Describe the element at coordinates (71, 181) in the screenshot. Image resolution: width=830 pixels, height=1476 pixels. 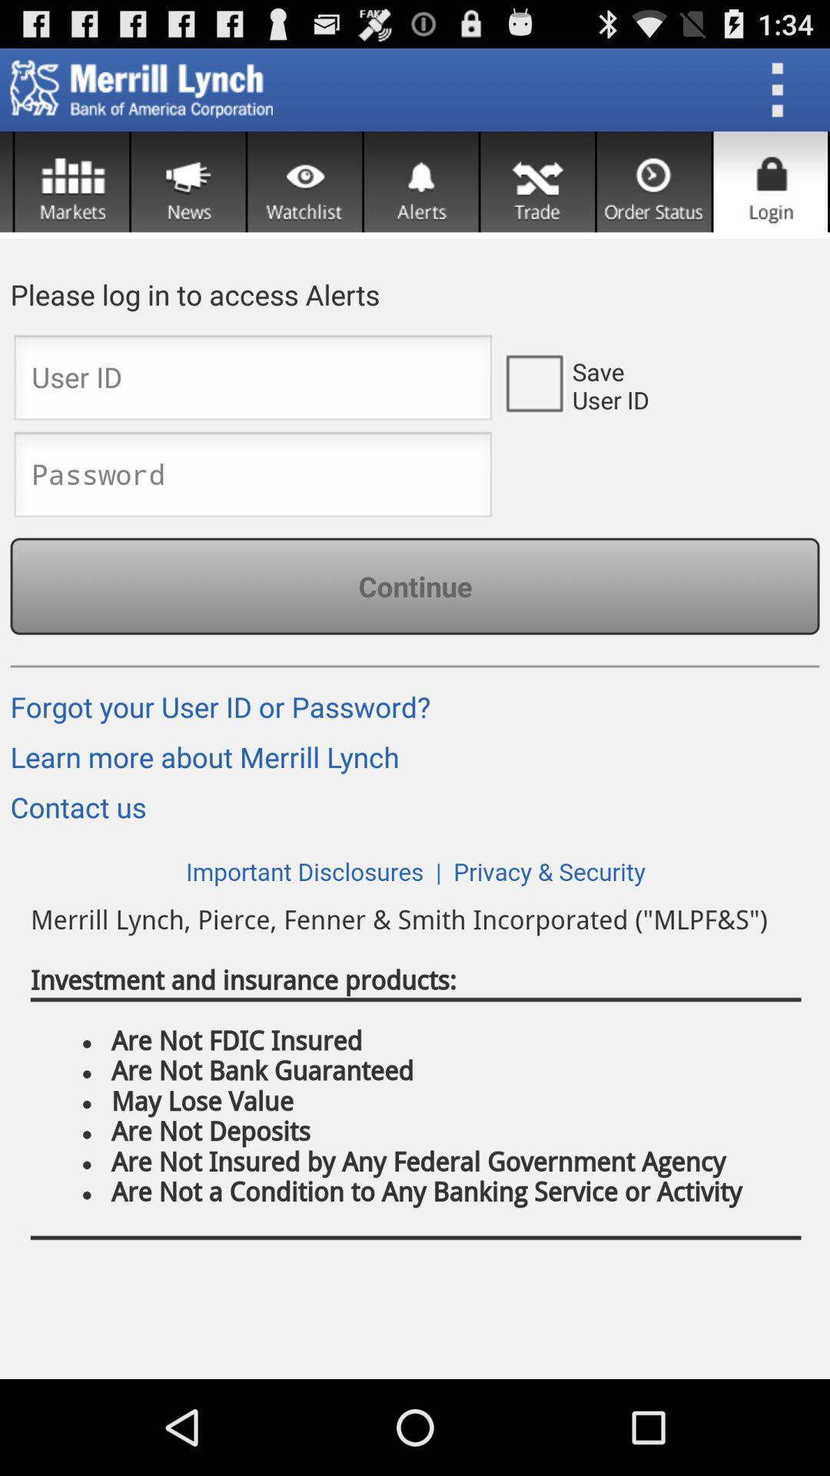
I see `see markets` at that location.